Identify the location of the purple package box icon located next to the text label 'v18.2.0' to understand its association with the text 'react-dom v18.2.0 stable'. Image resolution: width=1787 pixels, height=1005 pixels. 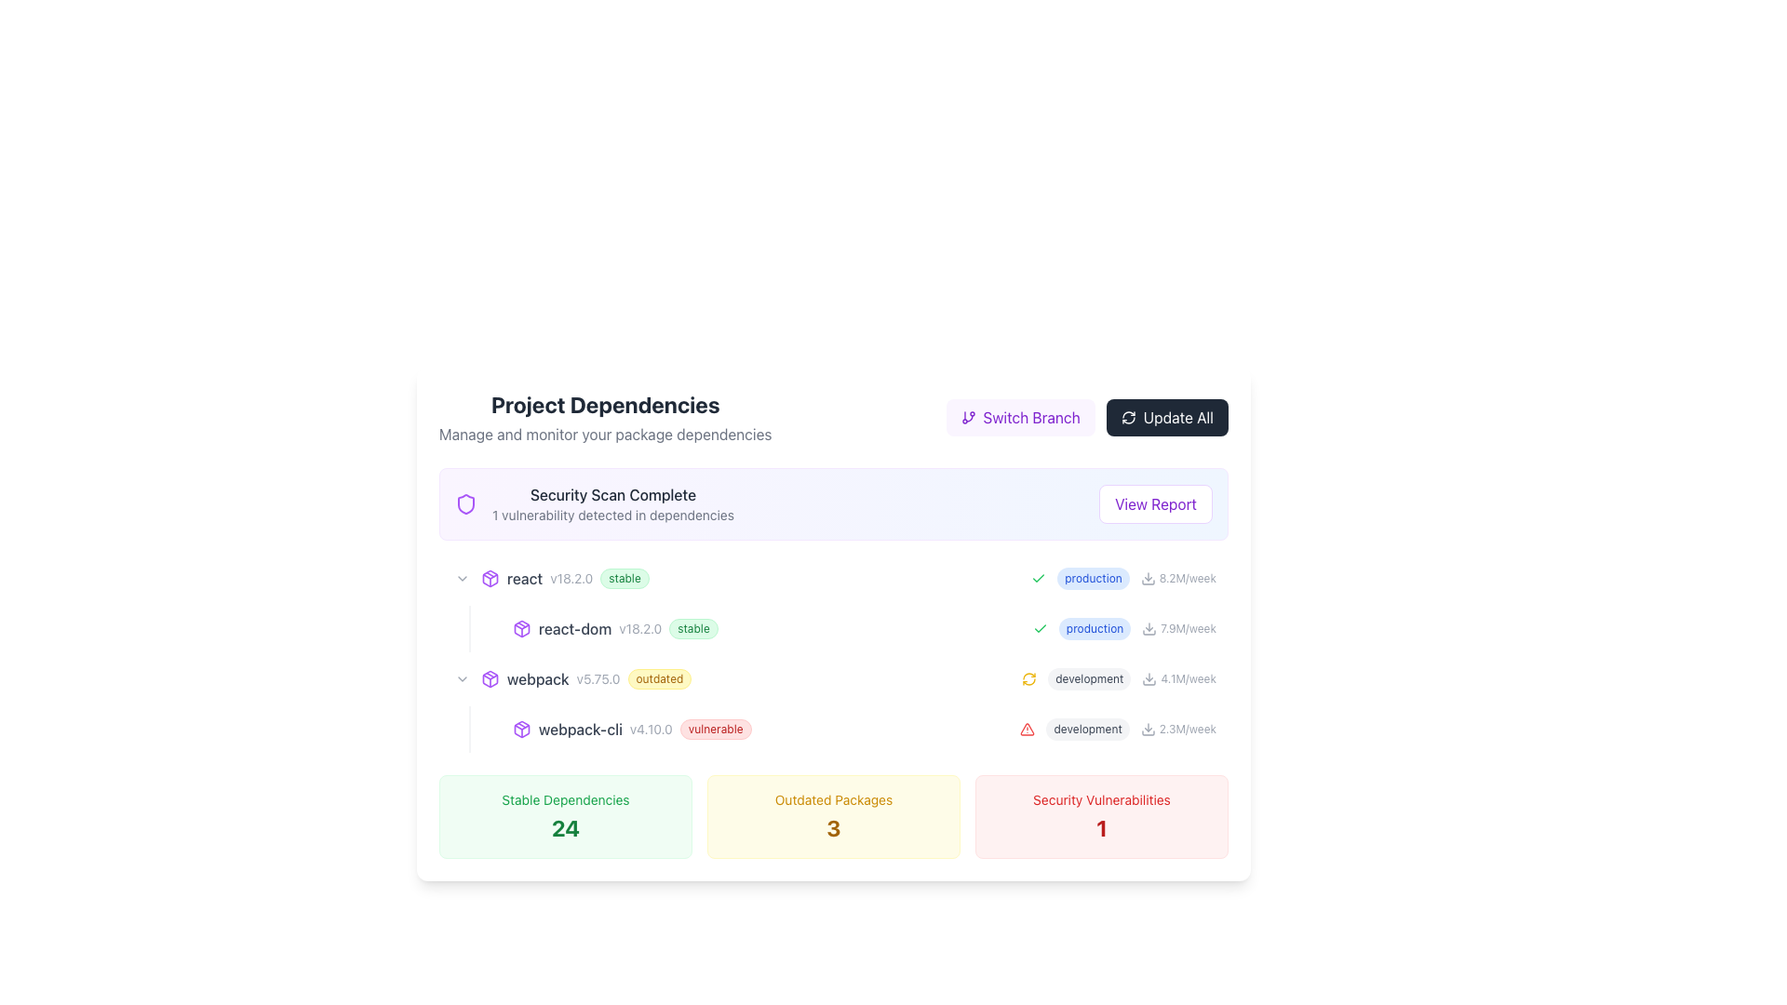
(521, 628).